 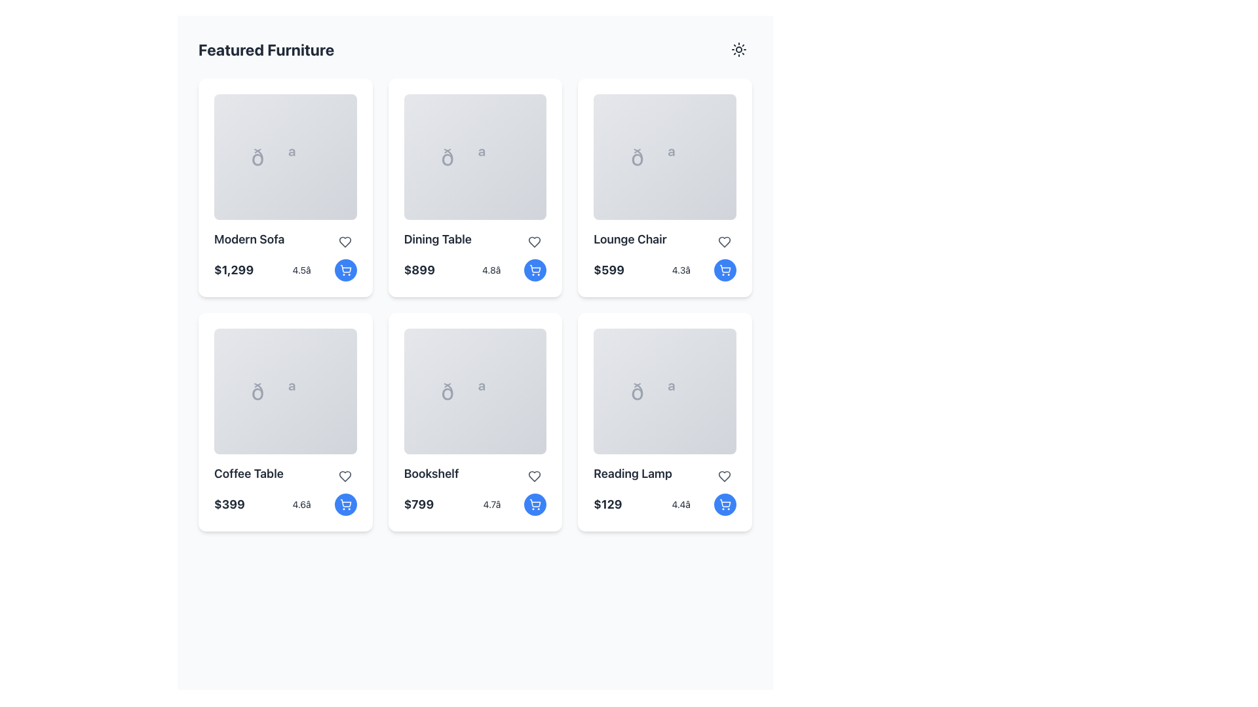 I want to click on the gray emoji-like symbol text component located in the upper graphical portion of the 'Coffee Table' card, so click(x=284, y=390).